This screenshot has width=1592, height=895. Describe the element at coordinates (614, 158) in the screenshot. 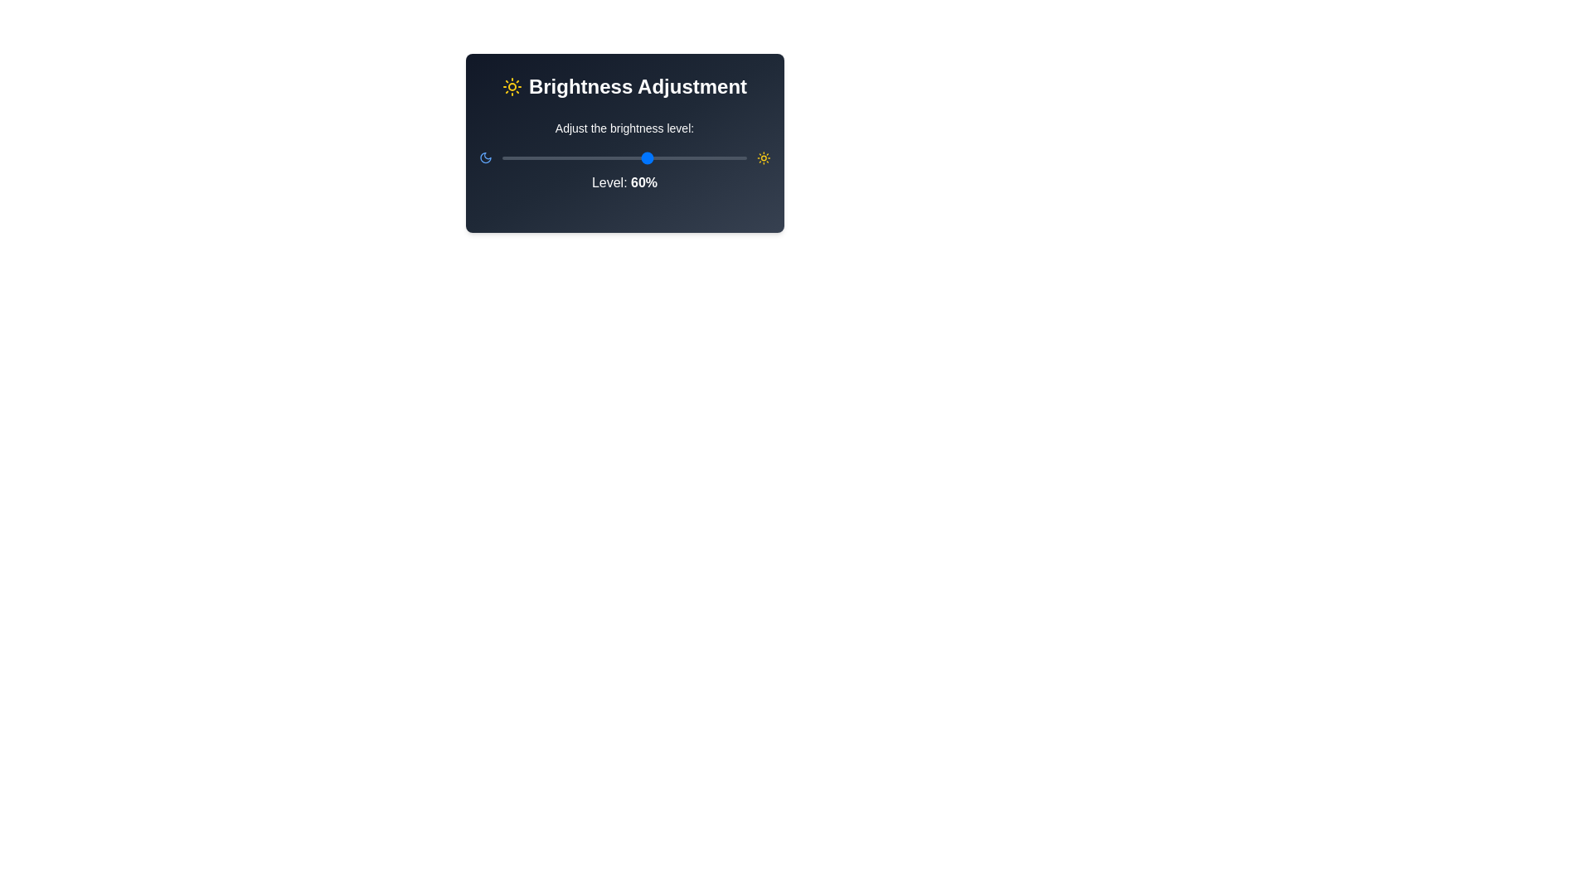

I see `brightness level` at that location.